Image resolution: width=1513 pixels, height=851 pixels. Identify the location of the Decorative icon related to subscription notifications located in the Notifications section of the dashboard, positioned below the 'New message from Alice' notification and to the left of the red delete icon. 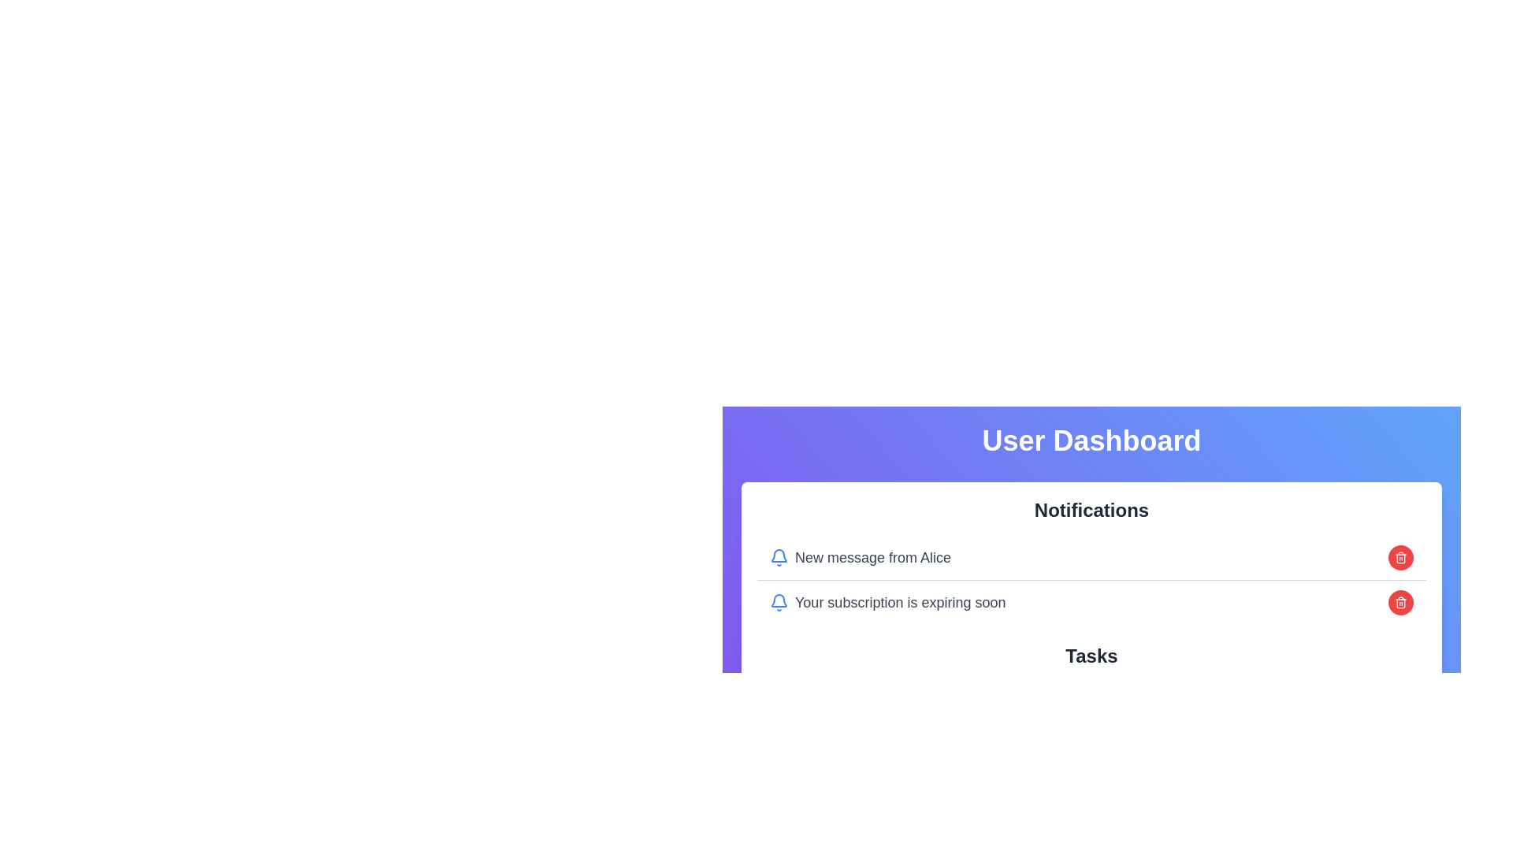
(779, 600).